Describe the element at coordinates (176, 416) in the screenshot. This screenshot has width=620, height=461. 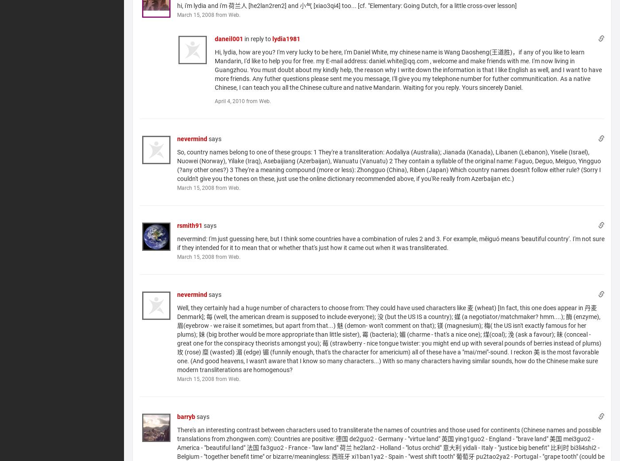
I see `'barryb'` at that location.